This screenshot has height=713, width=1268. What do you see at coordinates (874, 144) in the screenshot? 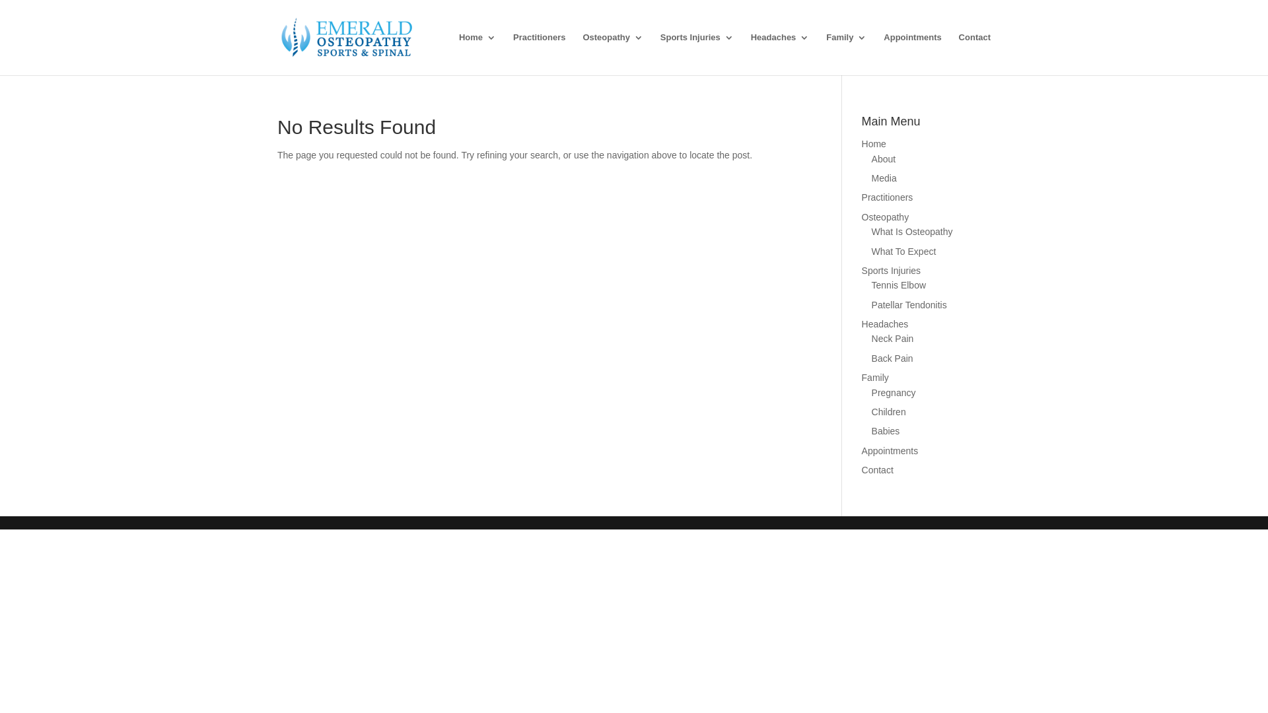
I see `'Home'` at bounding box center [874, 144].